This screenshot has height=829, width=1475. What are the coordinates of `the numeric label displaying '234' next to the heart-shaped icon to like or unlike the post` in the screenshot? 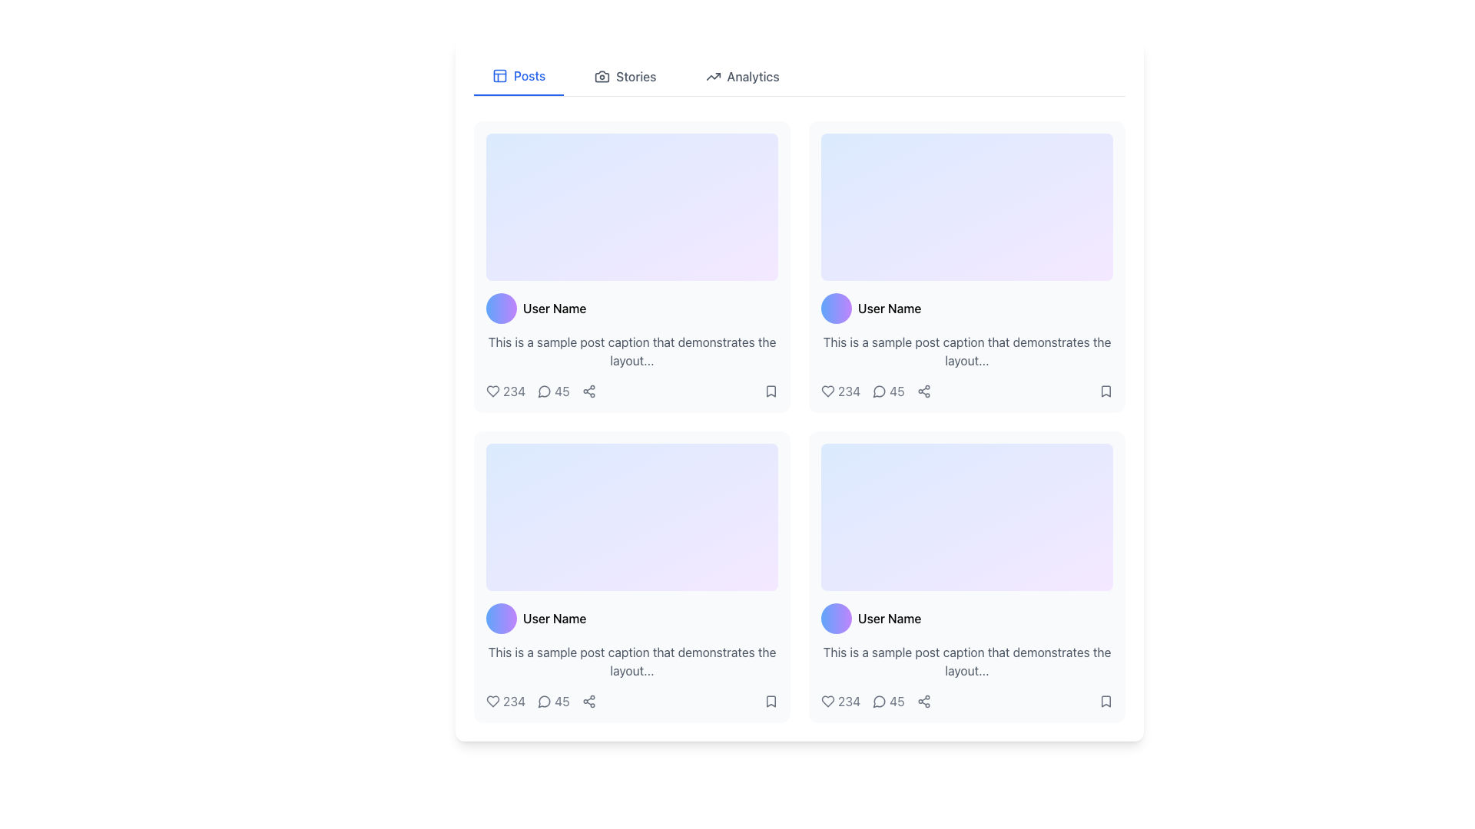 It's located at (840, 390).